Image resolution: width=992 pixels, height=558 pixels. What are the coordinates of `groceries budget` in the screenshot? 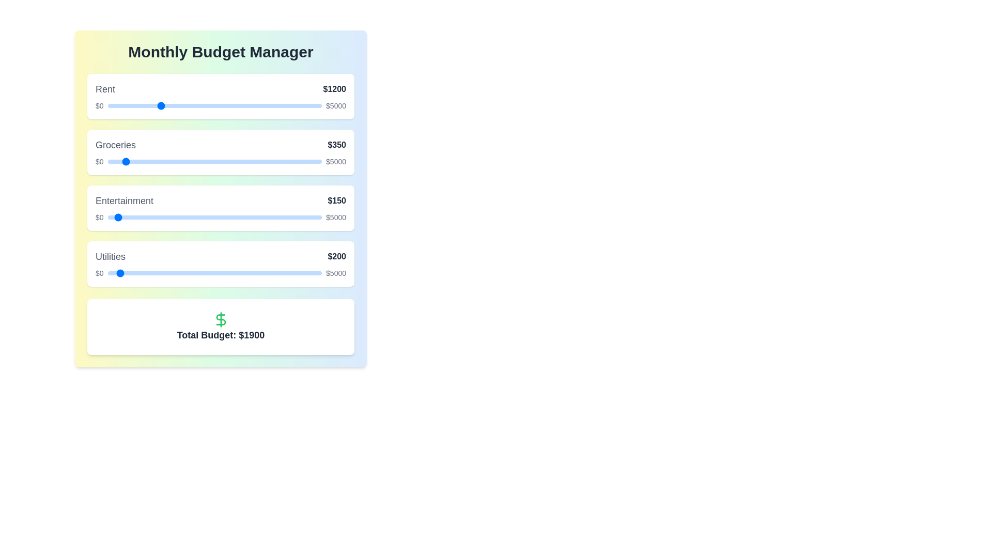 It's located at (214, 161).